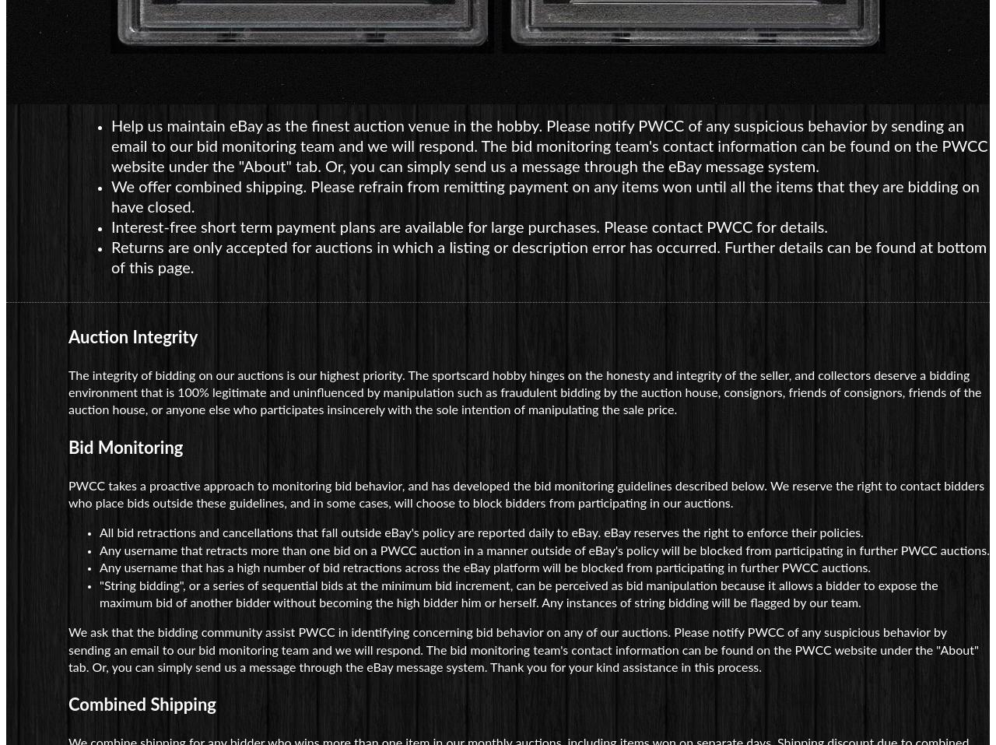 This screenshot has width=996, height=745. What do you see at coordinates (133, 336) in the screenshot?
I see `'Auction Integrity'` at bounding box center [133, 336].